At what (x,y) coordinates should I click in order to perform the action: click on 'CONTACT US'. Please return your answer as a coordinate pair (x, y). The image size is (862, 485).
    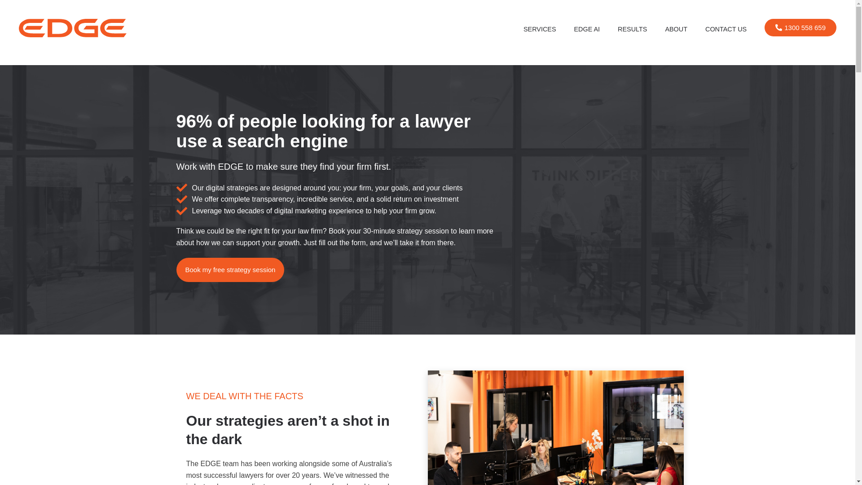
    Looking at the image, I should click on (726, 29).